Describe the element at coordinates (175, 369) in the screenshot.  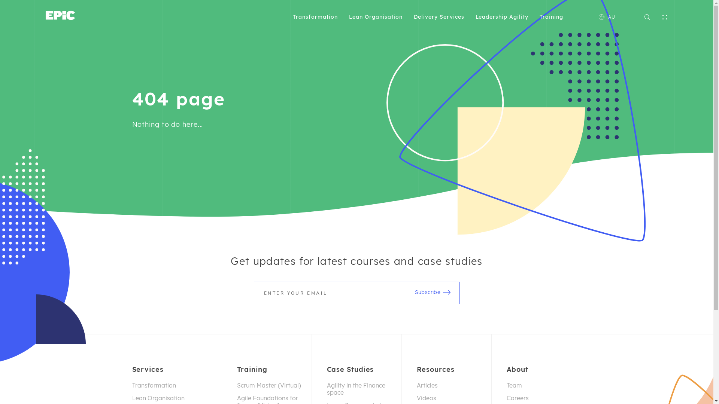
I see `'Services'` at that location.